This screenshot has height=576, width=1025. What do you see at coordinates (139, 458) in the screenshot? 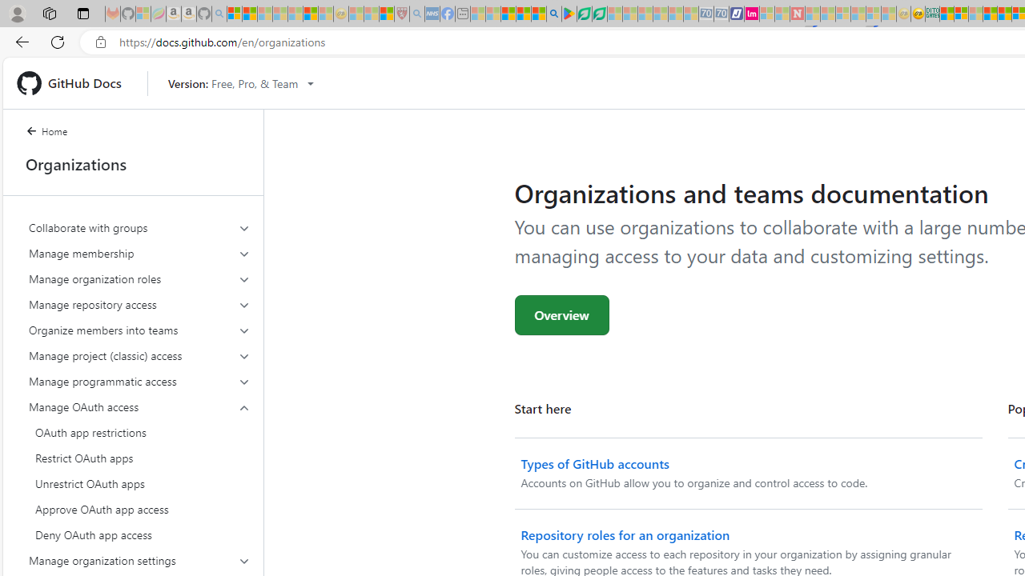
I see `'Restrict OAuth apps'` at bounding box center [139, 458].